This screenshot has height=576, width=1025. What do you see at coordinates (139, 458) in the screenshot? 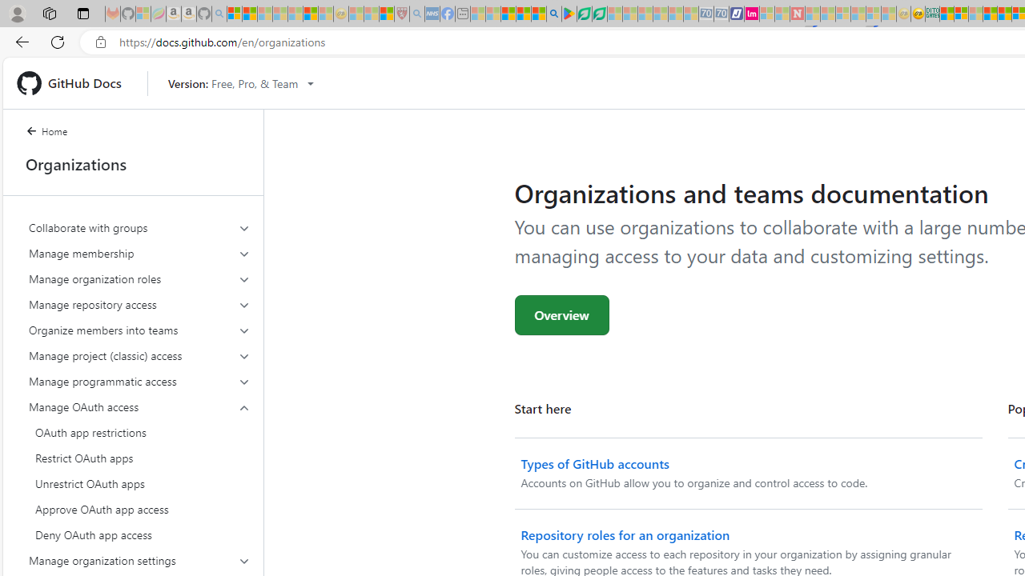
I see `'Restrict OAuth apps'` at bounding box center [139, 458].